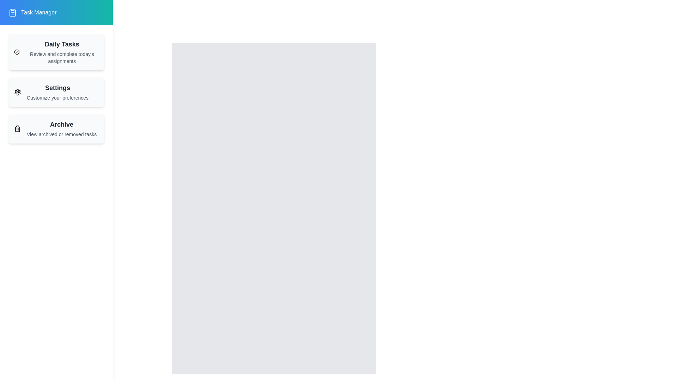  Describe the element at coordinates (56, 92) in the screenshot. I see `the 'Settings' item in the TaskManagementDrawer component` at that location.